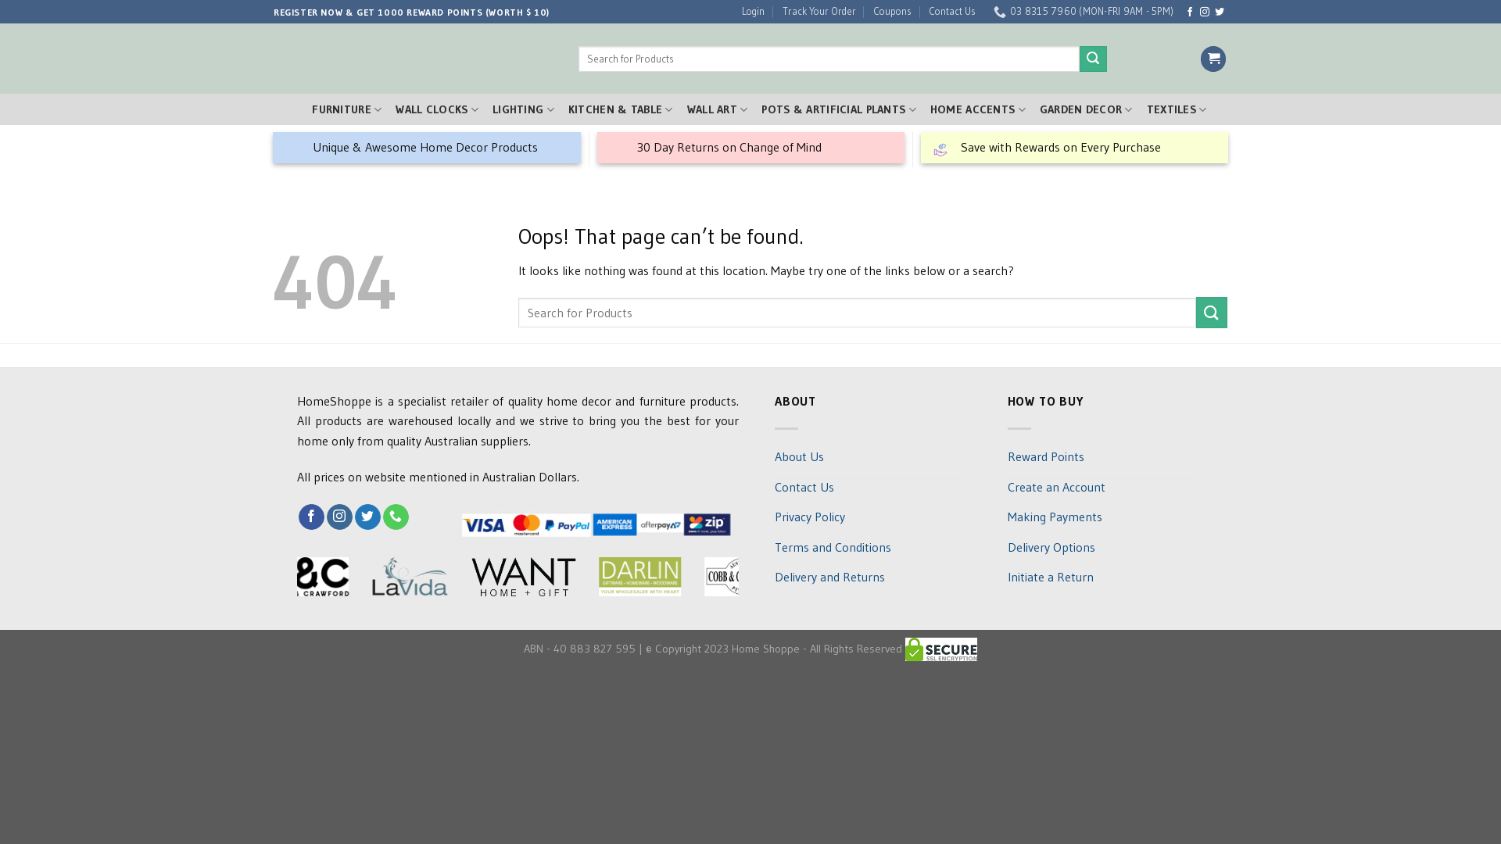  Describe the element at coordinates (518, 109) in the screenshot. I see `'LIGHTING'` at that location.